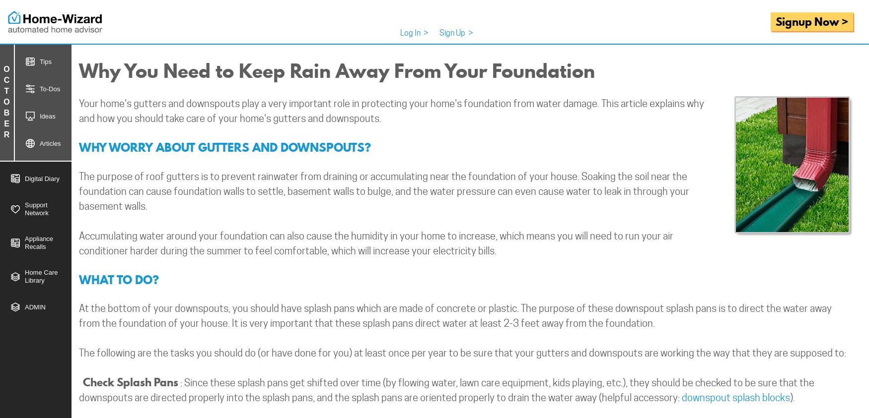  Describe the element at coordinates (41, 272) in the screenshot. I see `'Home Care'` at that location.